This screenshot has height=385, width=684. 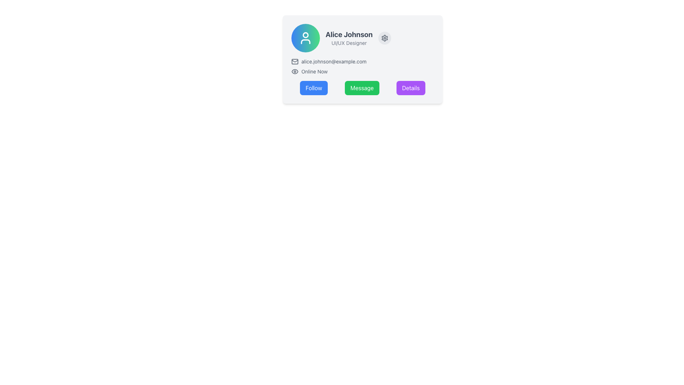 I want to click on the rounded rectangle element of the mail icon located to the left of the email address line under the name 'Alice Johnson', so click(x=295, y=61).